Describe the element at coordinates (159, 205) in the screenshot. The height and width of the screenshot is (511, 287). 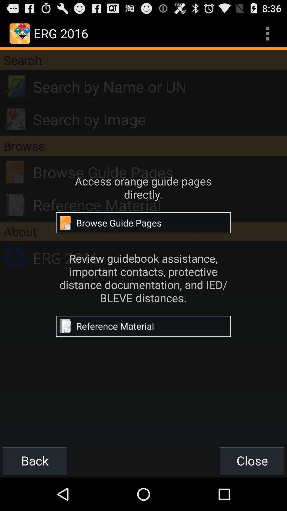
I see `app below browse guide pages item` at that location.